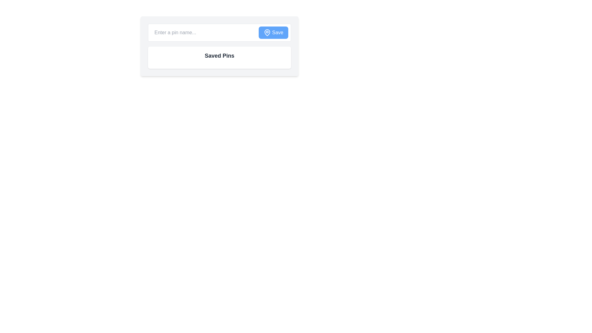 This screenshot has height=333, width=592. Describe the element at coordinates (267, 32) in the screenshot. I see `the 'Save' icon, which is positioned to the left of the text 'Save' in a blue rounded rectangular button at the top right of the main section` at that location.